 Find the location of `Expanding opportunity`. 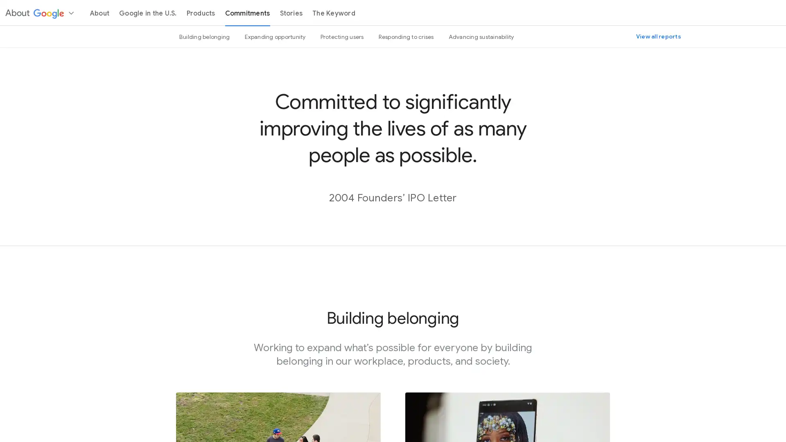

Expanding opportunity is located at coordinates (275, 36).